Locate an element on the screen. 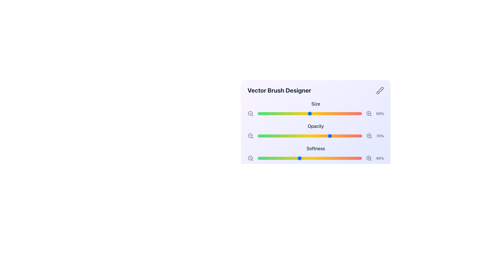  softness is located at coordinates (262, 158).